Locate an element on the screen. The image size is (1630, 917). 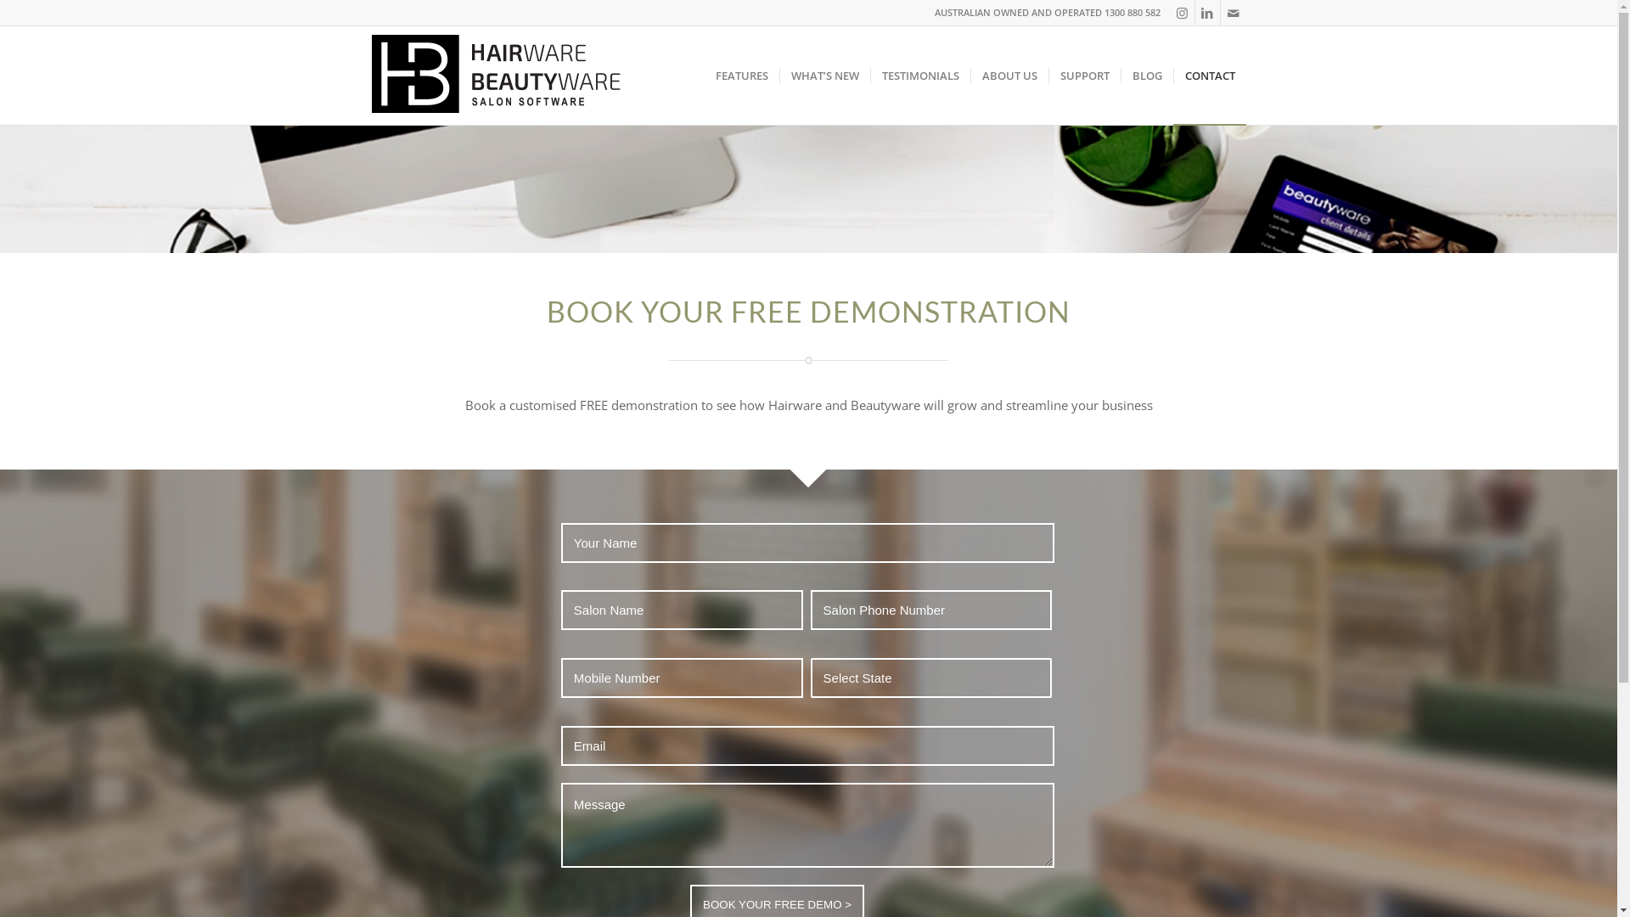
'TESTIMONIALS' is located at coordinates (919, 74).